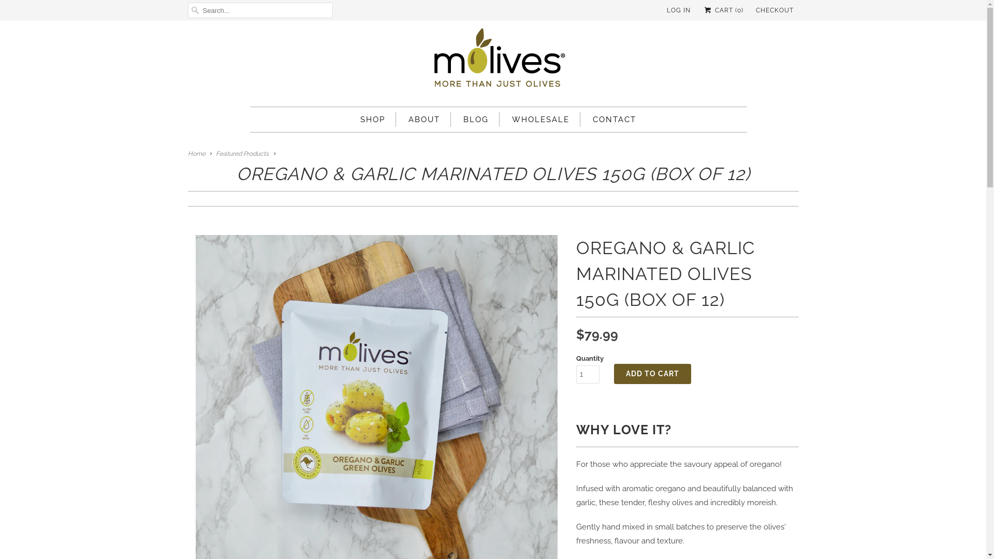 Image resolution: width=994 pixels, height=559 pixels. What do you see at coordinates (424, 119) in the screenshot?
I see `'ABOUT'` at bounding box center [424, 119].